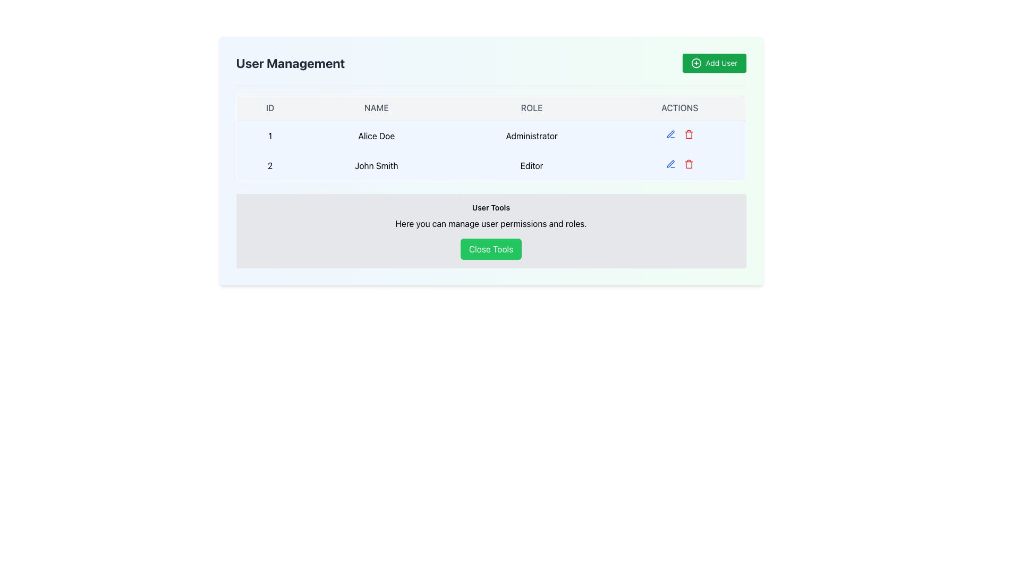 The image size is (1020, 574). Describe the element at coordinates (696, 63) in the screenshot. I see `the decorative SVG shape (circle) located in the top-right corner of the interface, near the 'Add User' button` at that location.